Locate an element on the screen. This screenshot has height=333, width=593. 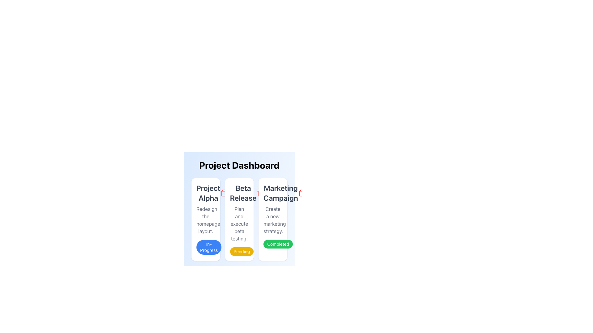
the blue-colored badge with rounded edges displaying 'In-Progress', located beneath the text 'Redesign the homepage layout.' on the card labeled 'Project Alpha' is located at coordinates (209, 247).